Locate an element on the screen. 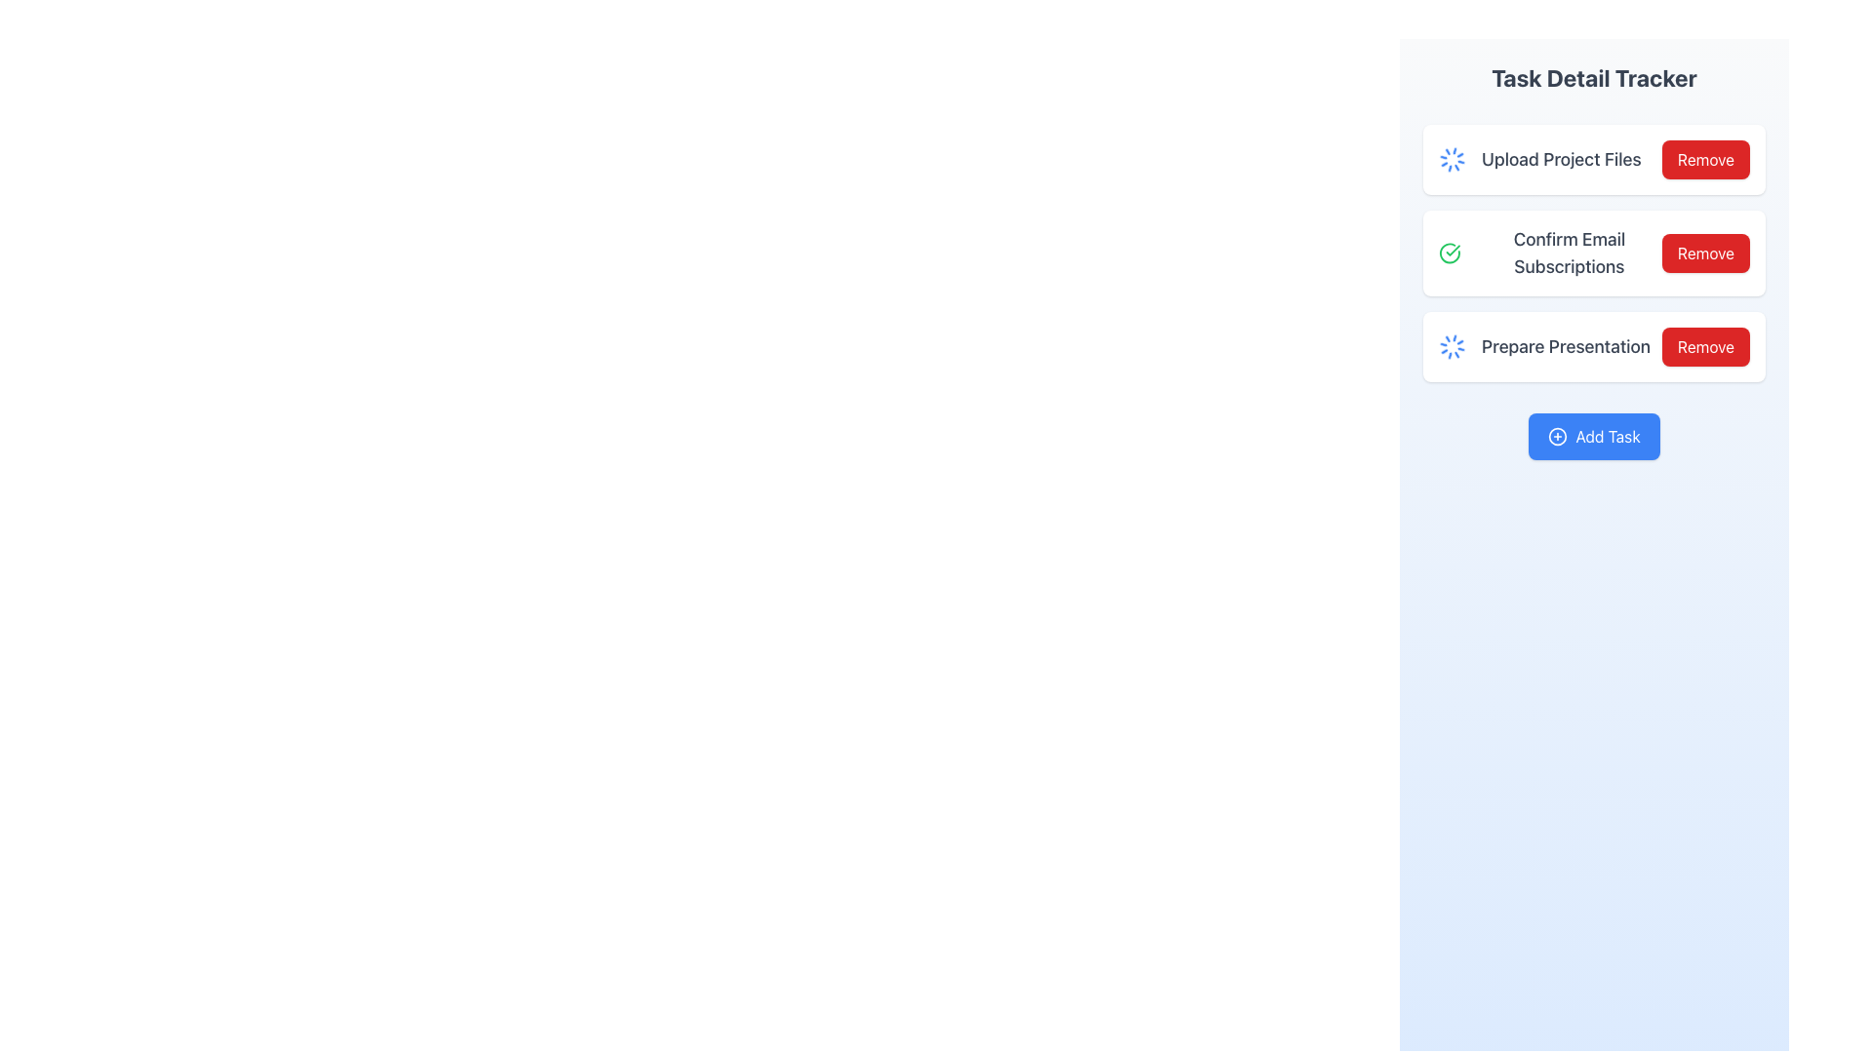 Image resolution: width=1873 pixels, height=1053 pixels. the 'Prepare Presentation' static label with icon, which indicates the task is currently active or processing is located at coordinates (1543, 345).